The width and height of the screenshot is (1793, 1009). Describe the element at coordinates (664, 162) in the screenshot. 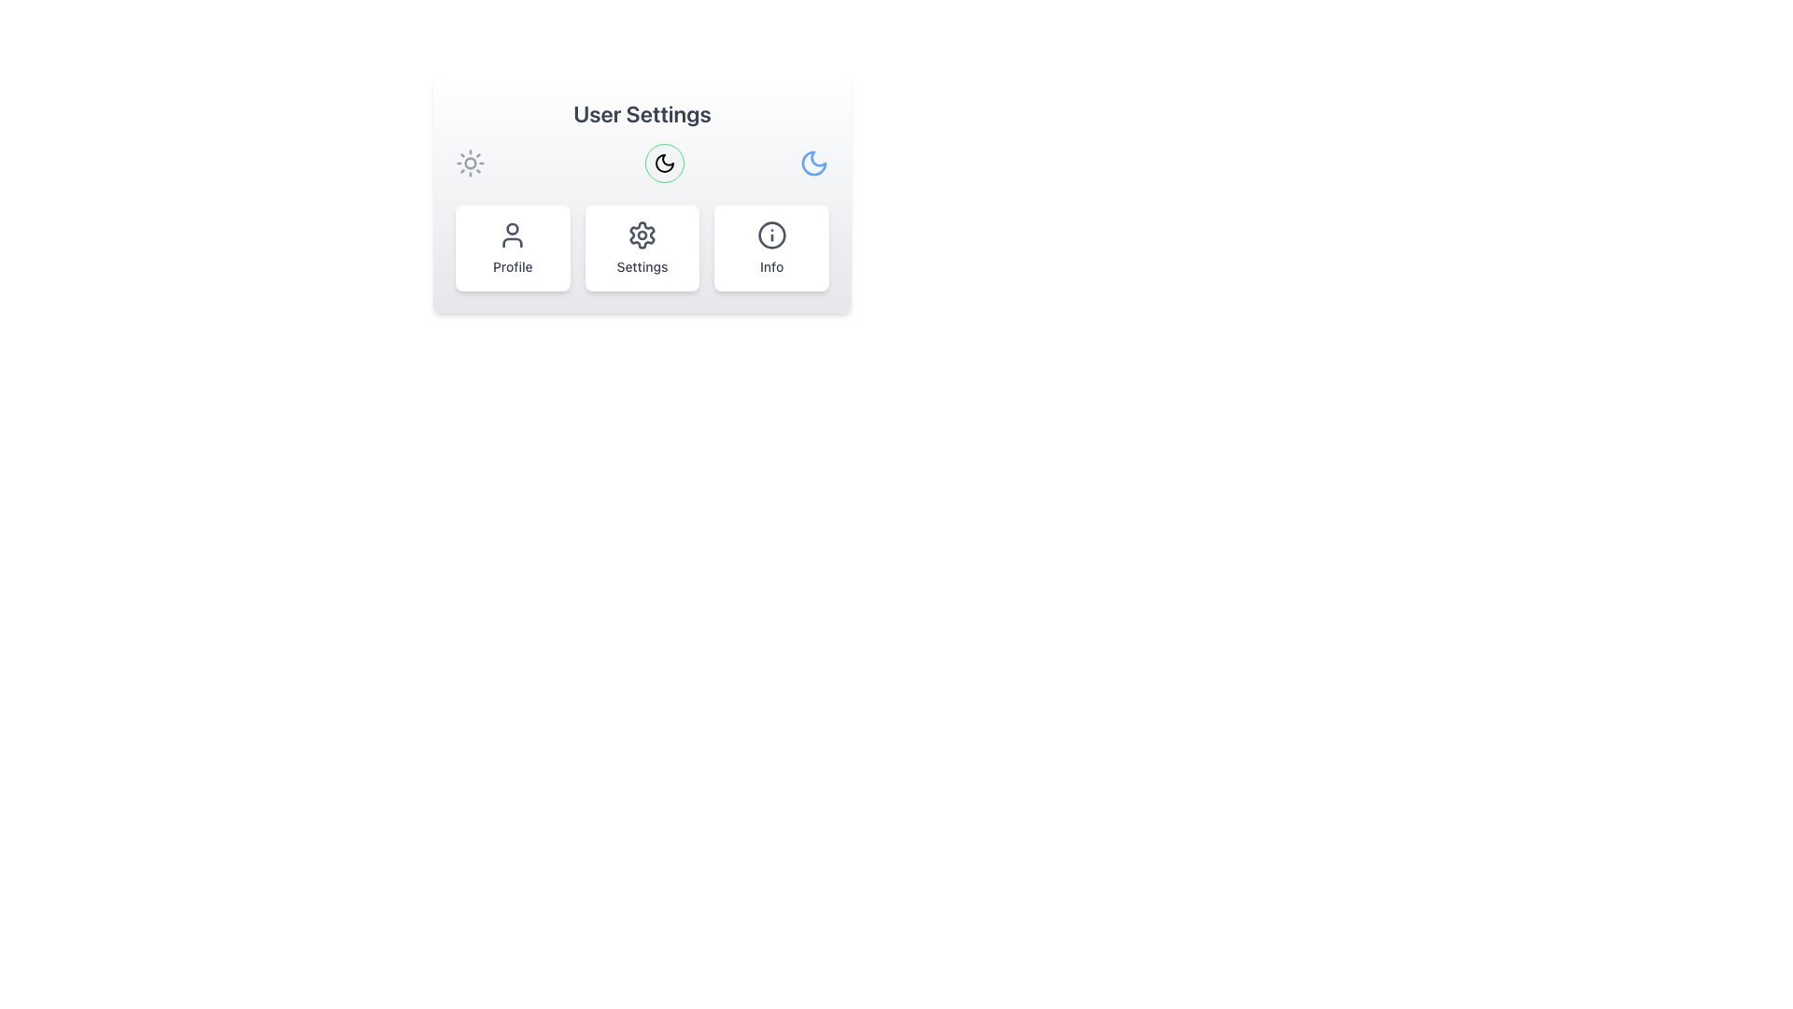

I see `the circular toggle button for night mode, located within the 'User Settings' section` at that location.